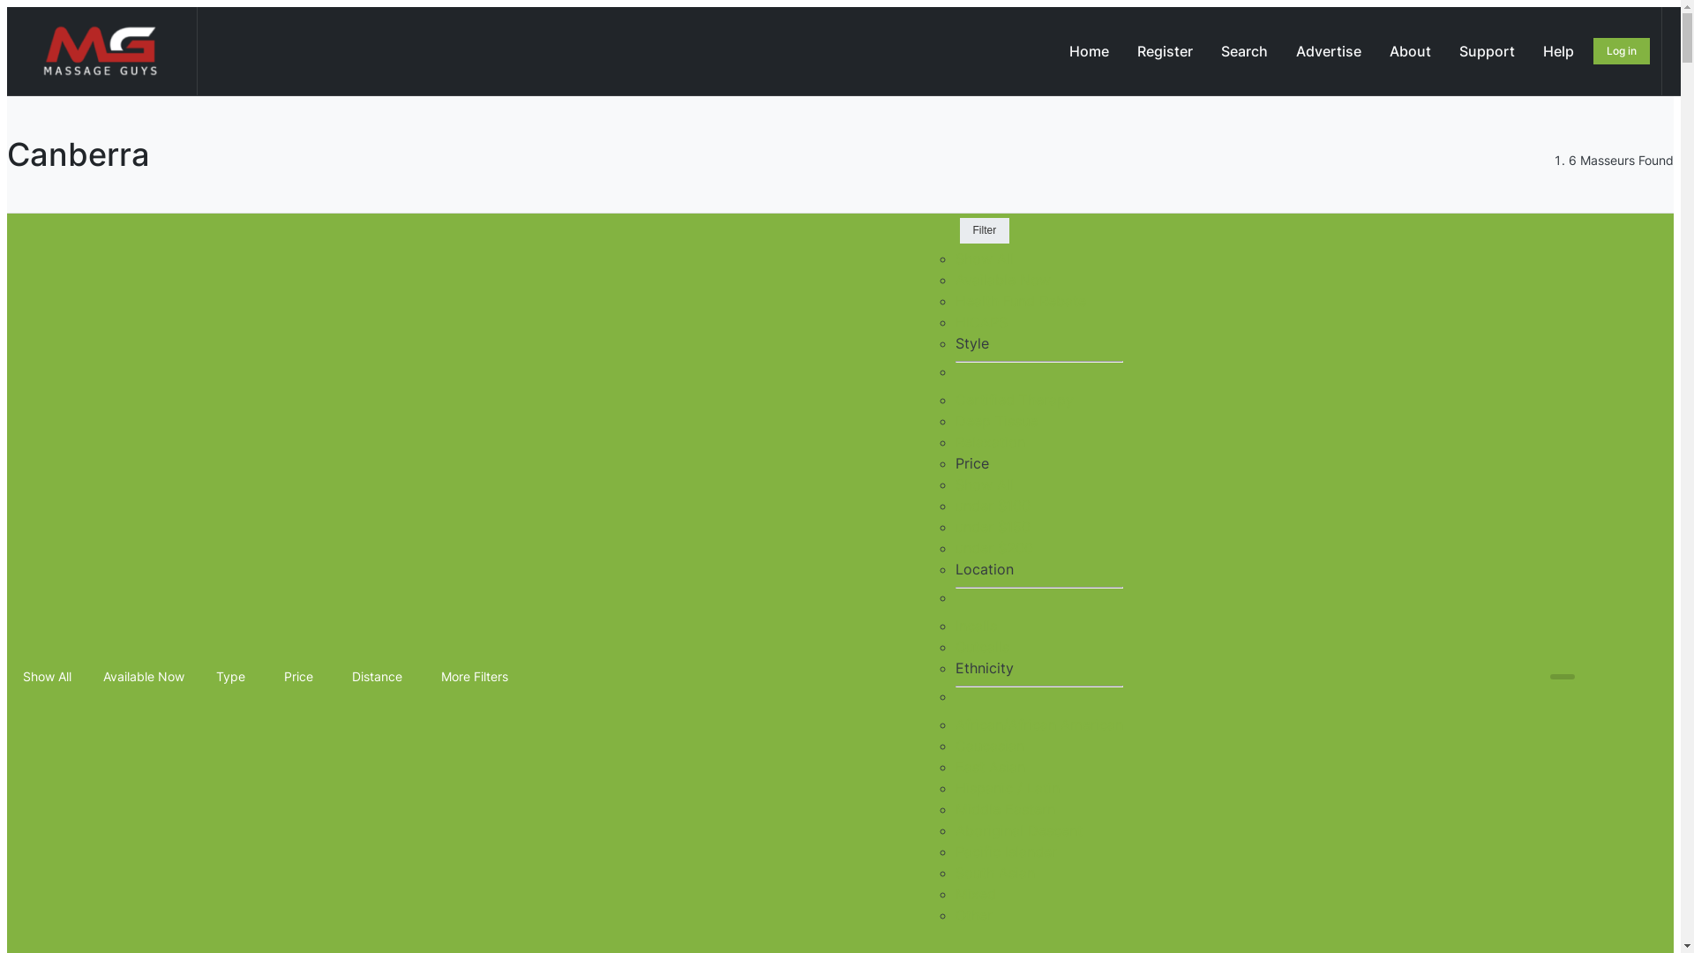  Describe the element at coordinates (1622, 49) in the screenshot. I see `'Log in'` at that location.